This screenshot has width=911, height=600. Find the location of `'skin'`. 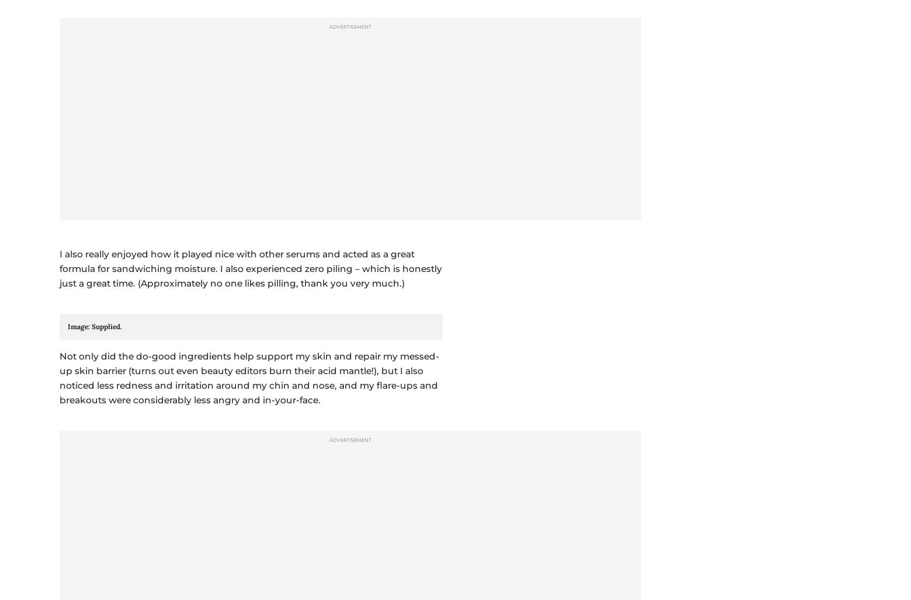

'skin' is located at coordinates (93, 487).